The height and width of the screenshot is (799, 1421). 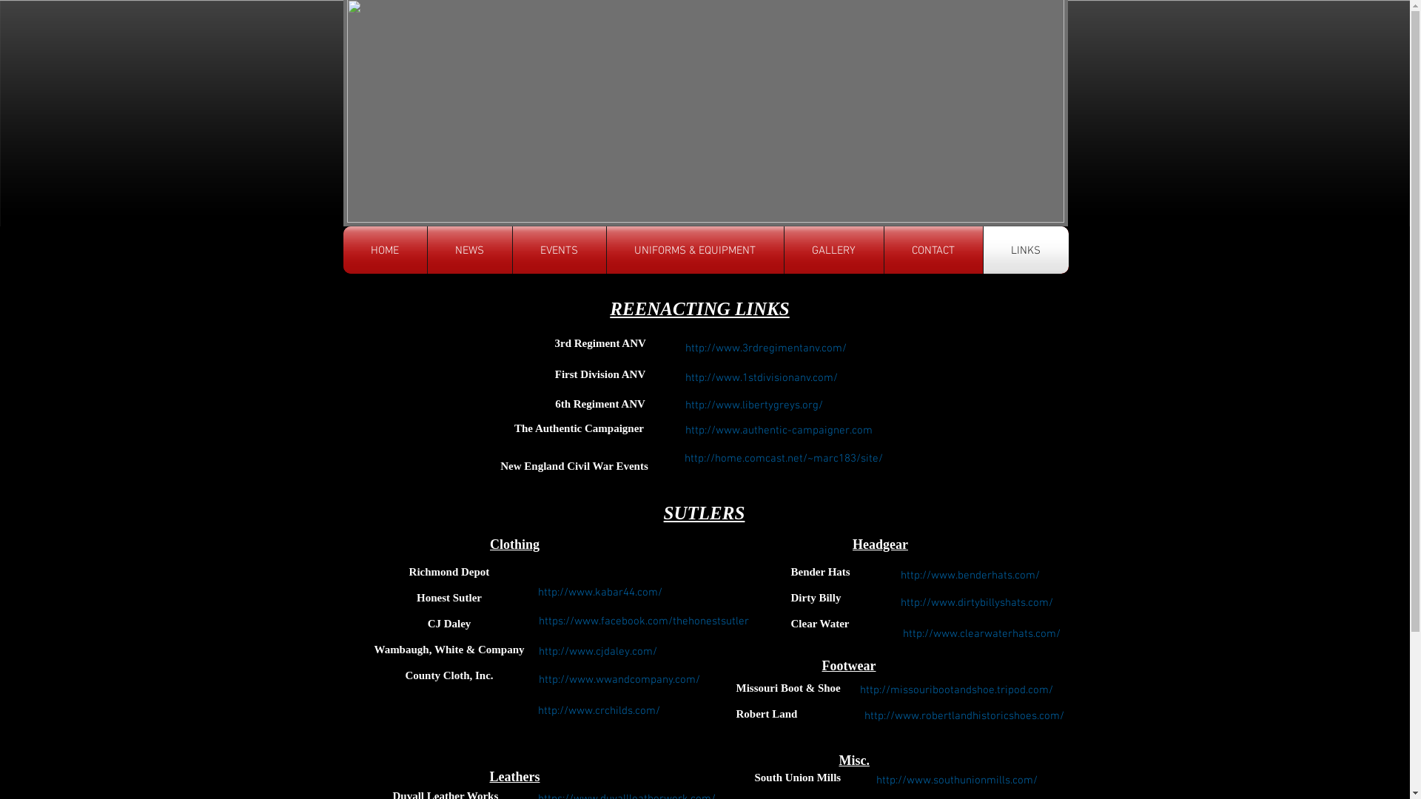 I want to click on 'CONTACT', so click(x=932, y=249).